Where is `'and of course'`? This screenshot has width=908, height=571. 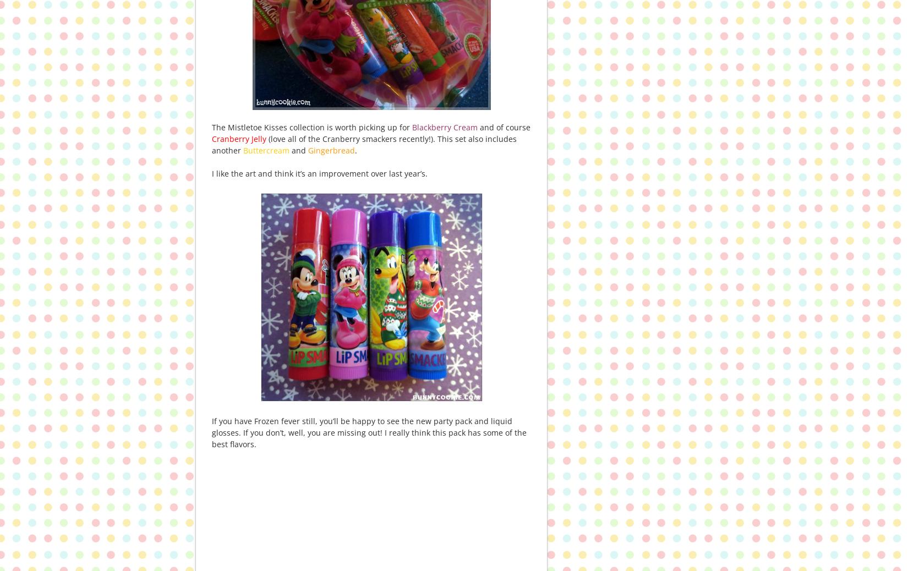
'and of course' is located at coordinates (478, 127).